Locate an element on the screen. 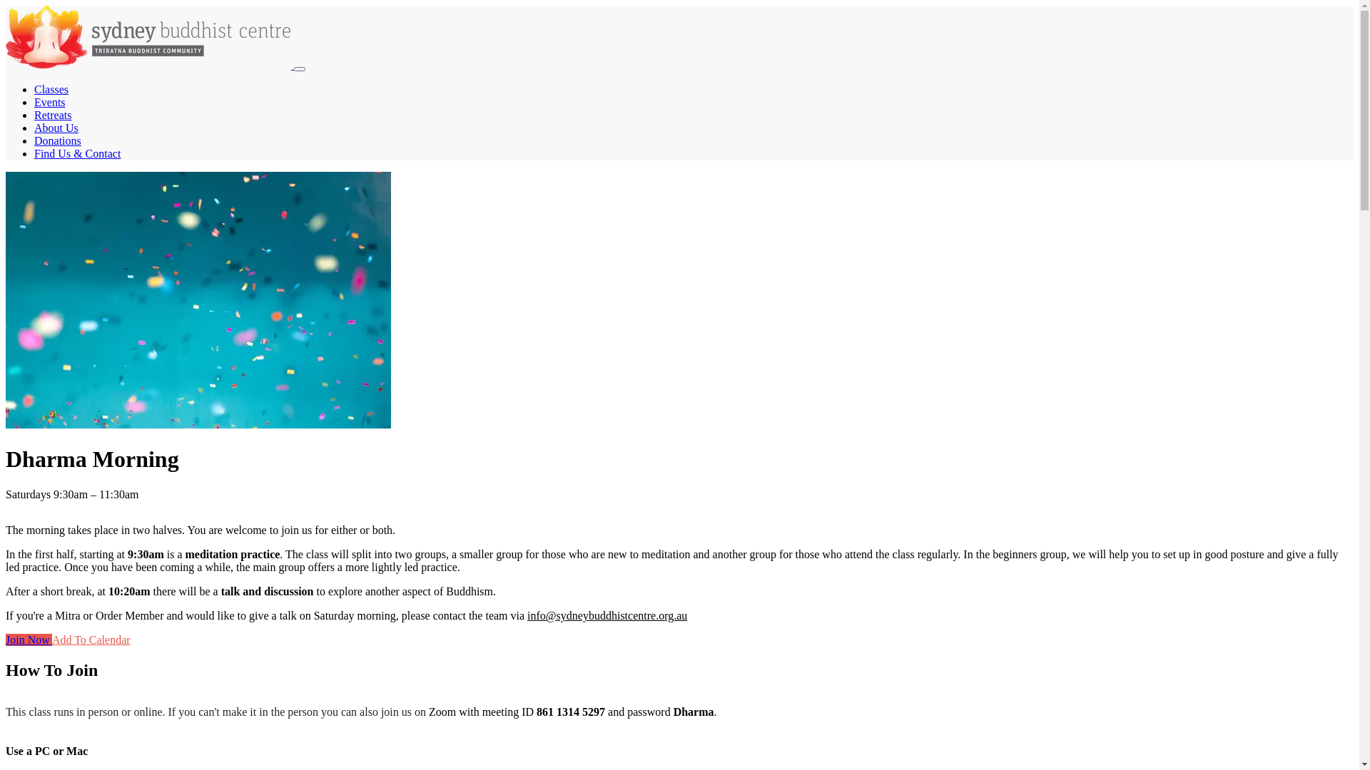 The height and width of the screenshot is (770, 1370). 'Retreats' is located at coordinates (52, 114).